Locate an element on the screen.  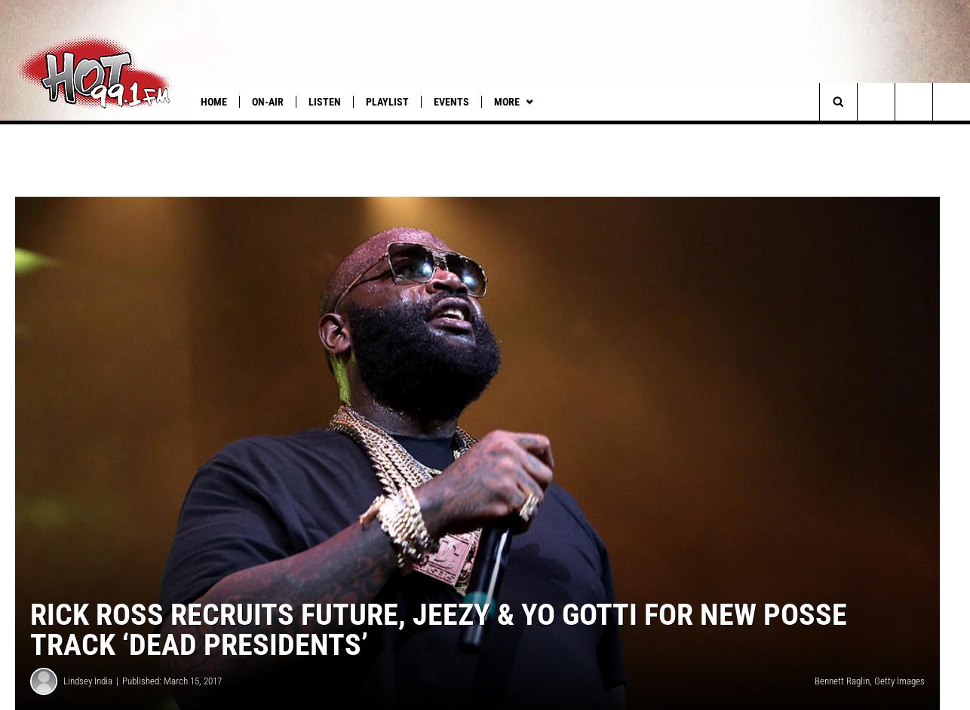
'Get the Hot 99.1 App' is located at coordinates (699, 131).